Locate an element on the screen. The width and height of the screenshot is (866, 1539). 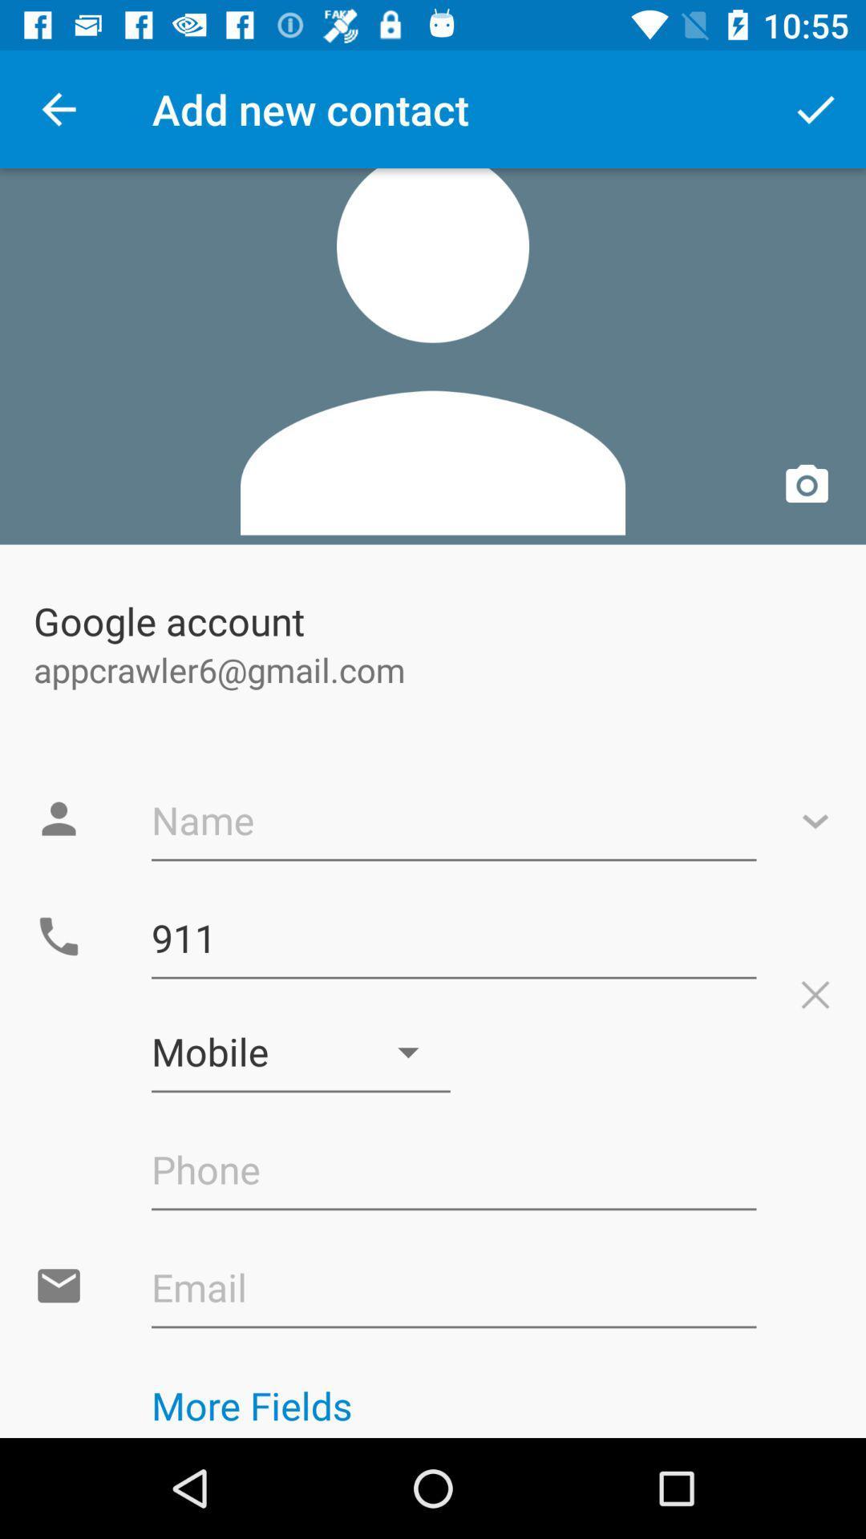
the camera icon at top right corner of image is located at coordinates (807, 485).